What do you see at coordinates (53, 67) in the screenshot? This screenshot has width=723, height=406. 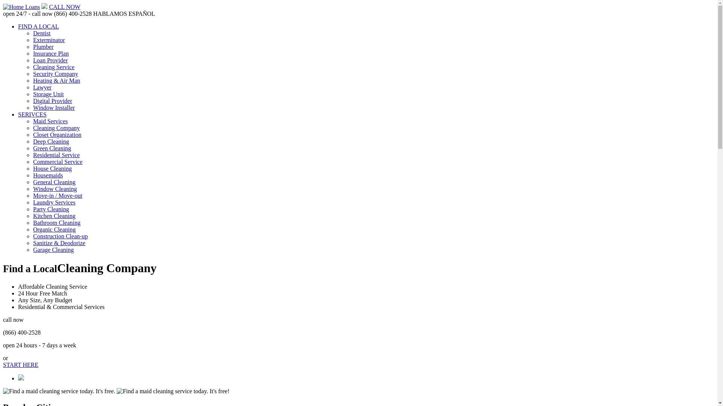 I see `'Cleaning Service'` at bounding box center [53, 67].